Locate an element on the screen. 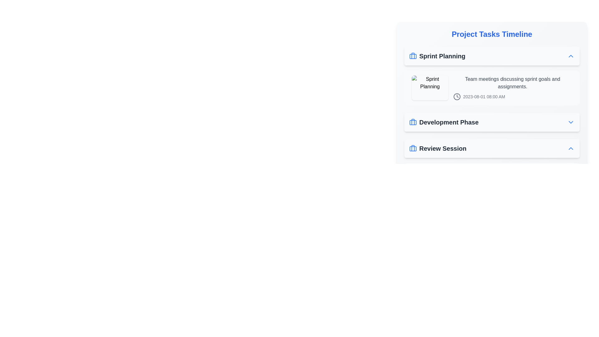 The height and width of the screenshot is (337, 599). the blue briefcase icon located to the left of the 'Review Session' label in the 'Project Tasks Timeline' section is located at coordinates (413, 148).